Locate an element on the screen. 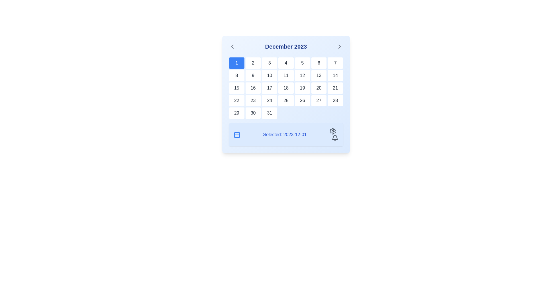  the left navigation button represented as an arrow in the calendar header is located at coordinates (232, 46).